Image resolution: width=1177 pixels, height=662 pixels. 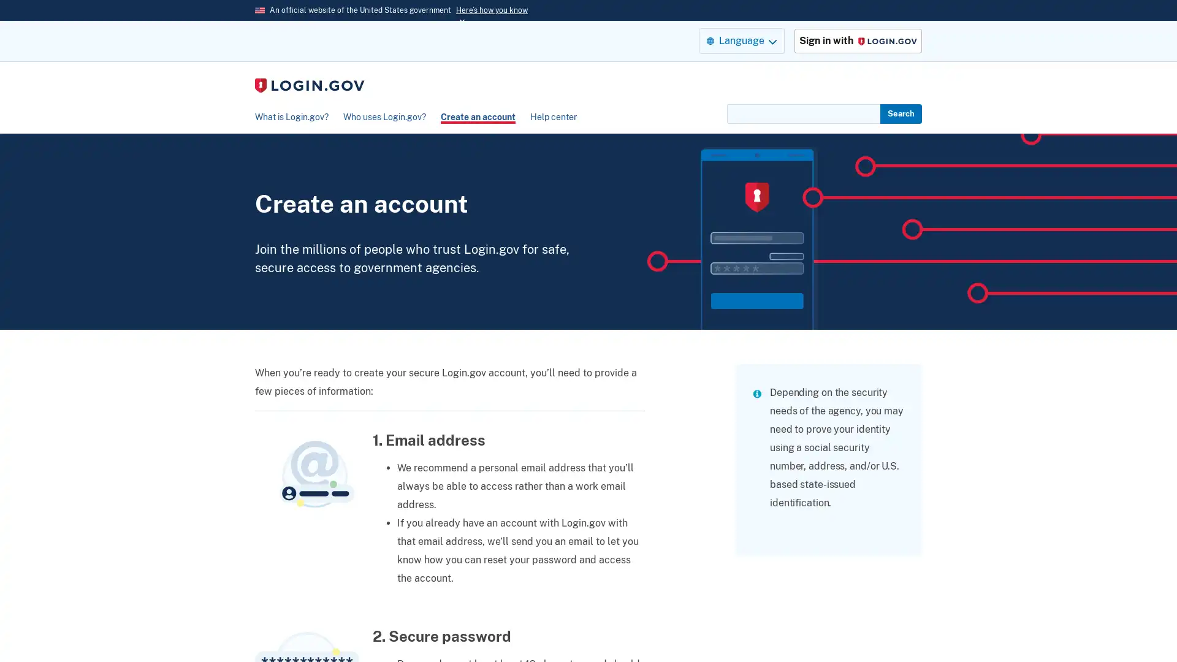 I want to click on Language, so click(x=741, y=40).